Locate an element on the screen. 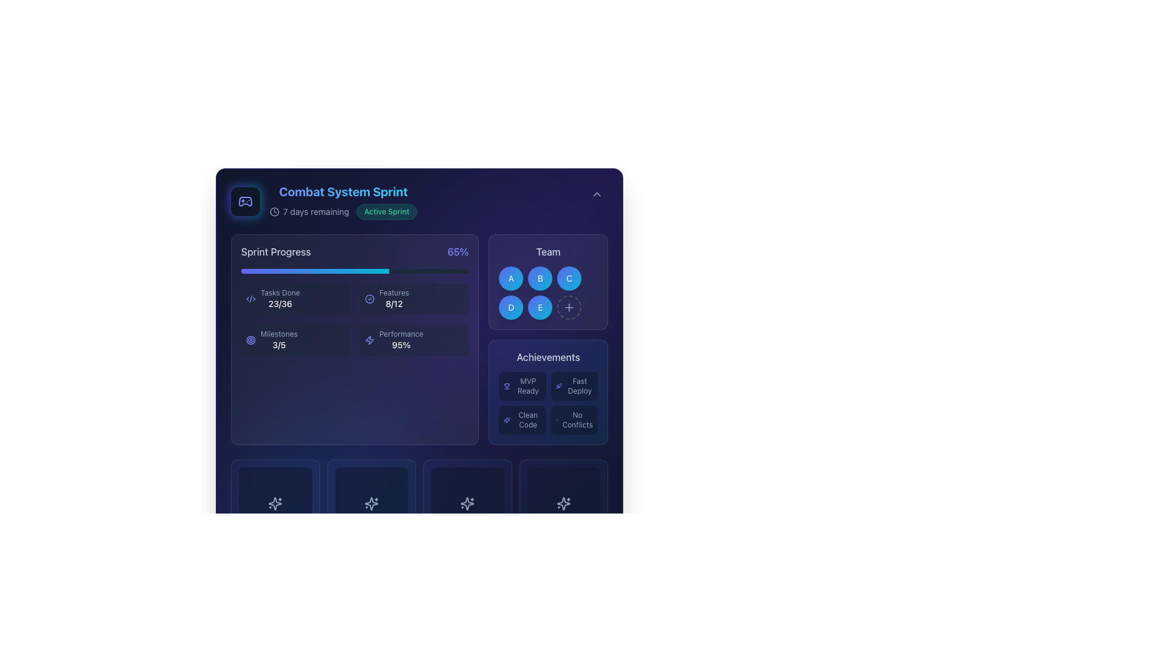  the filled segment of the progress indicator located below the 'Sprint Progress' label, which visually represents 65% completion of the task is located at coordinates (315, 270).